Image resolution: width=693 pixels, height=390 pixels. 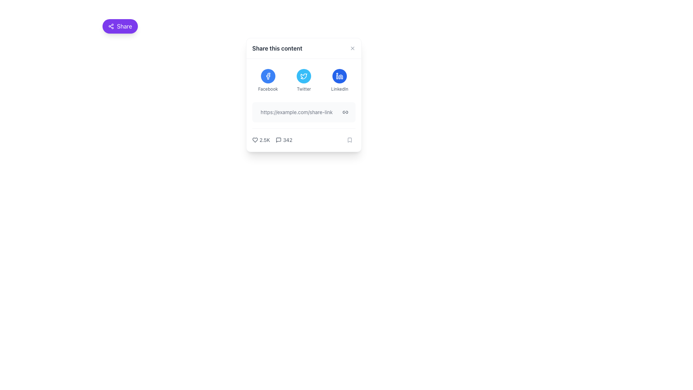 I want to click on the share icon, so click(x=110, y=26).